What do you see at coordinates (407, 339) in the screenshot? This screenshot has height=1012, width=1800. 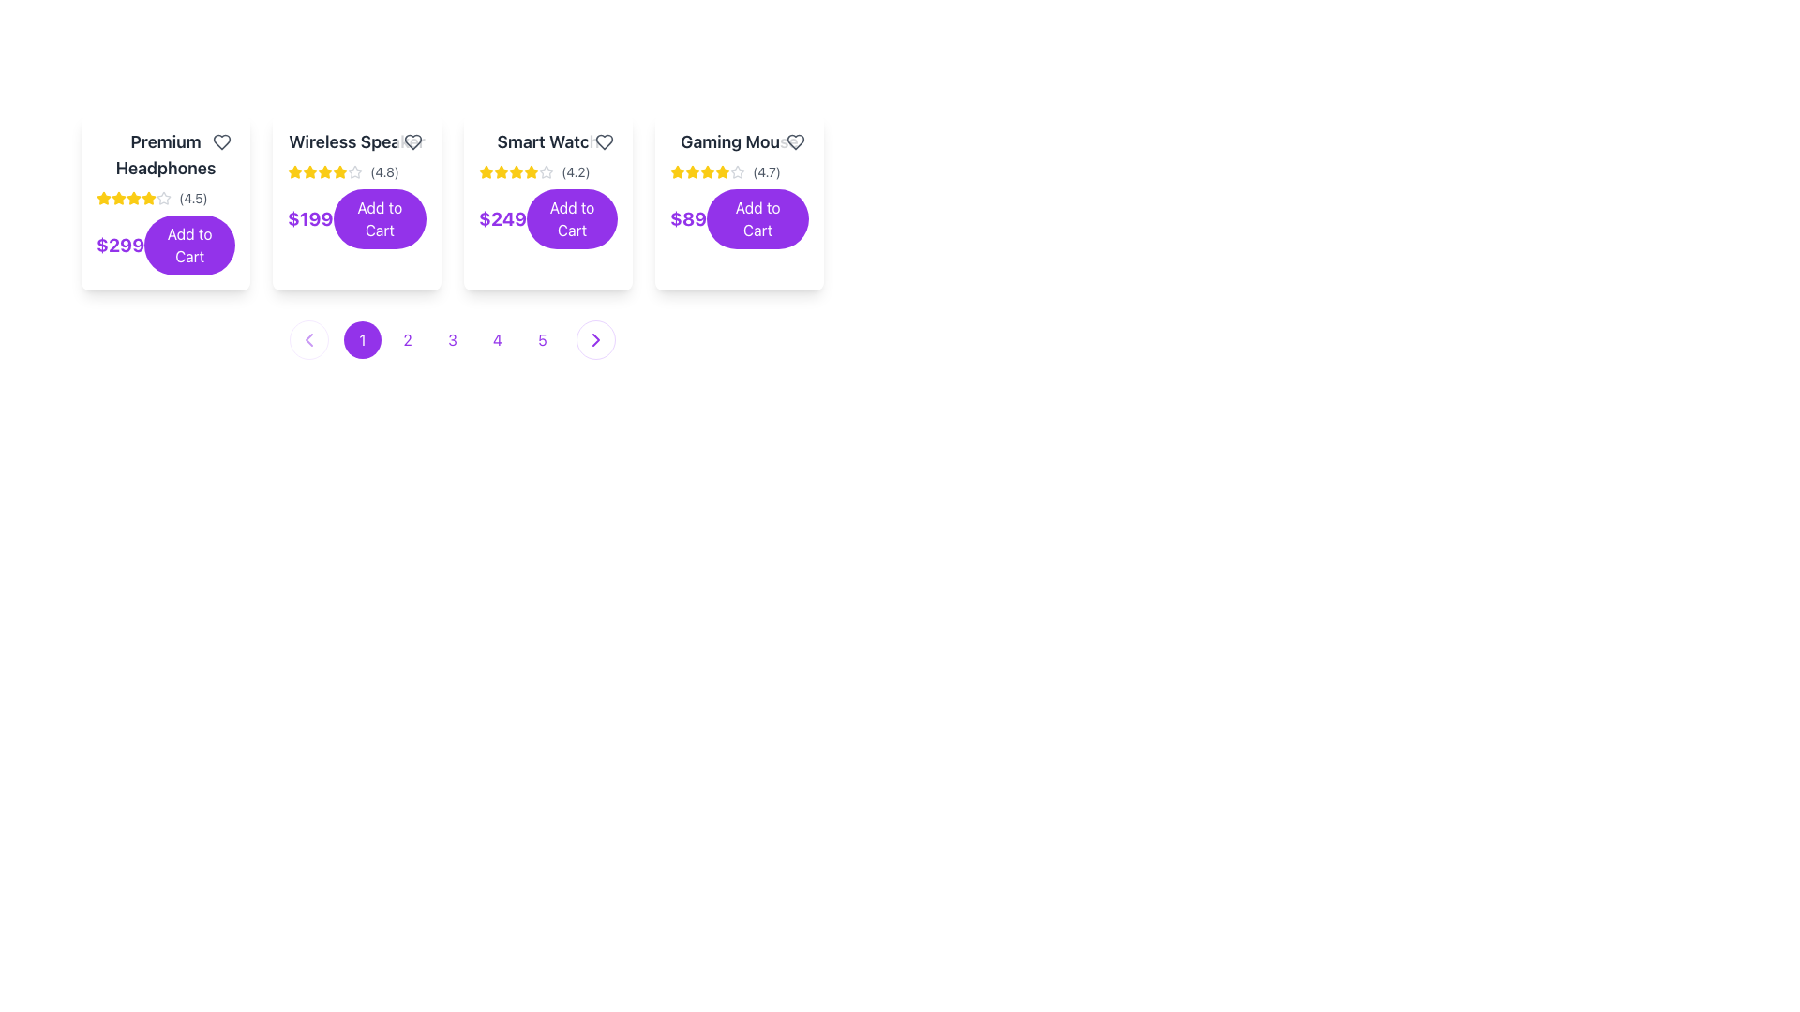 I see `the pagination button that navigates to the second page, located directly to the right of the button labeled '1' and to the left of the button labeled '3'` at bounding box center [407, 339].